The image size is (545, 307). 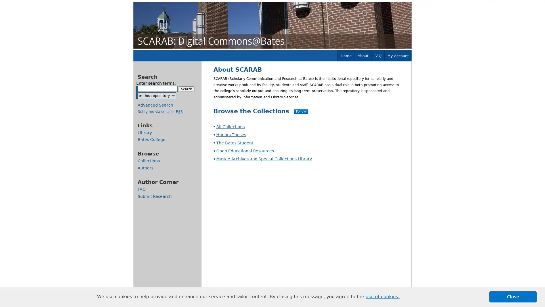 I want to click on dismiss cookie message, so click(x=513, y=296).